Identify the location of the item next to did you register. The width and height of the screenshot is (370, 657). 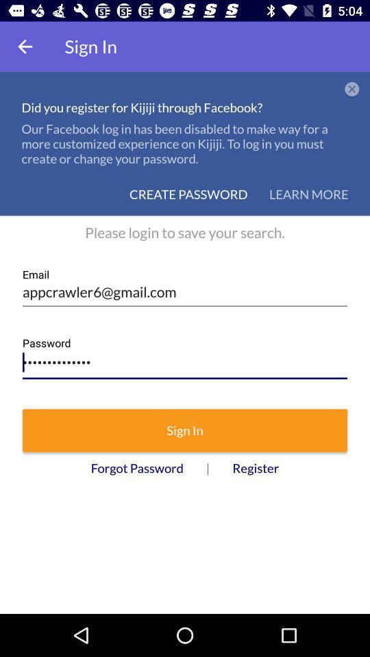
(351, 89).